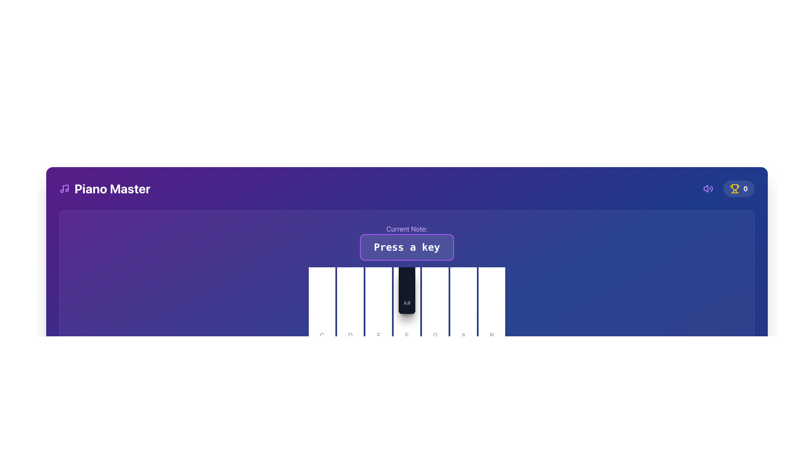 The image size is (799, 449). I want to click on instruction displayed in the text display area, which is located directly below the header section and above the piano keys, so click(407, 239).